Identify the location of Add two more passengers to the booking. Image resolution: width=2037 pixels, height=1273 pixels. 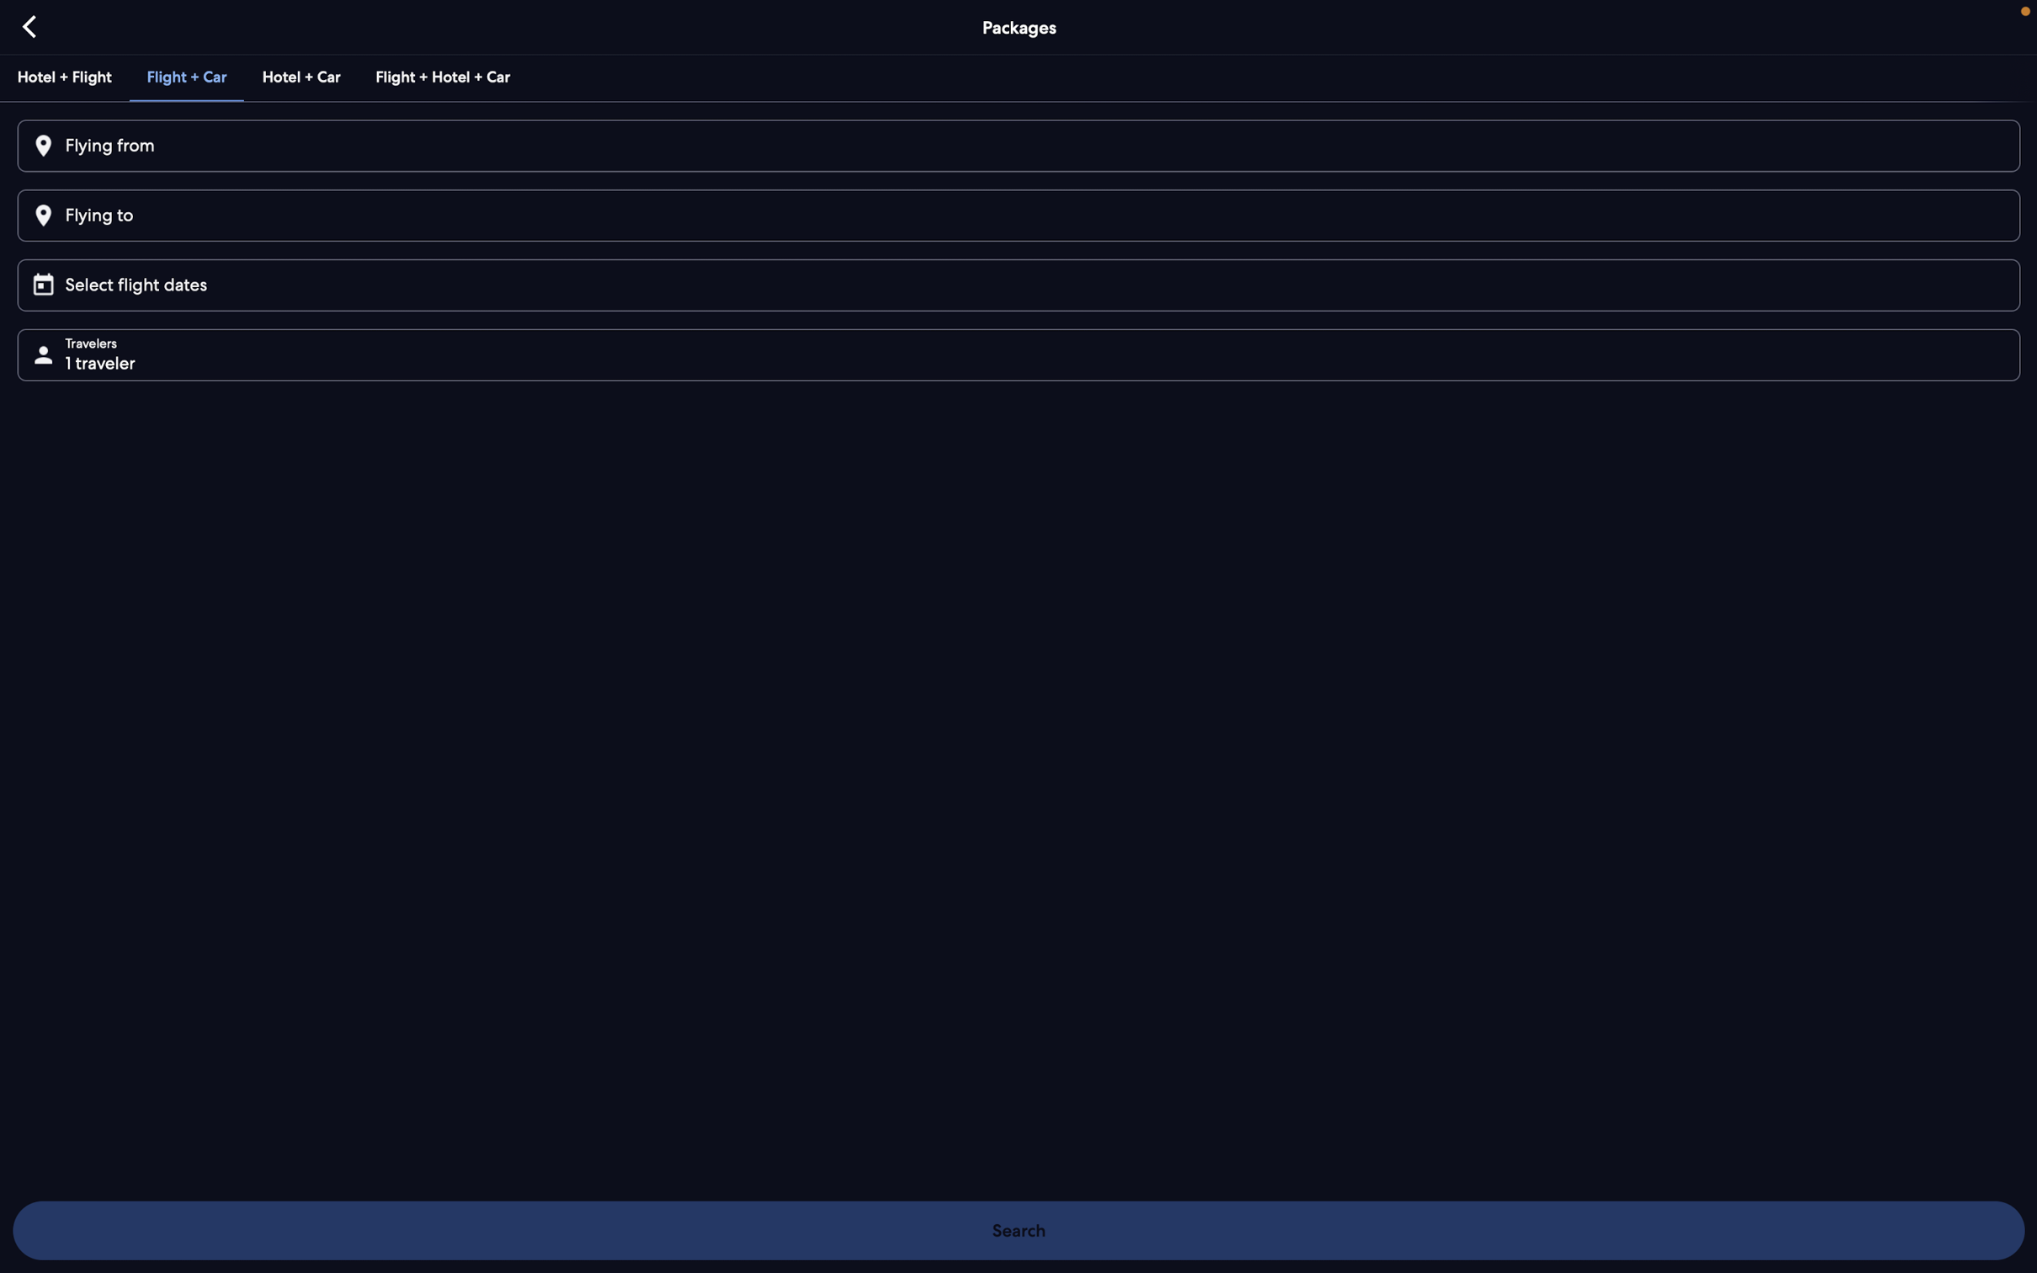
(1024, 353).